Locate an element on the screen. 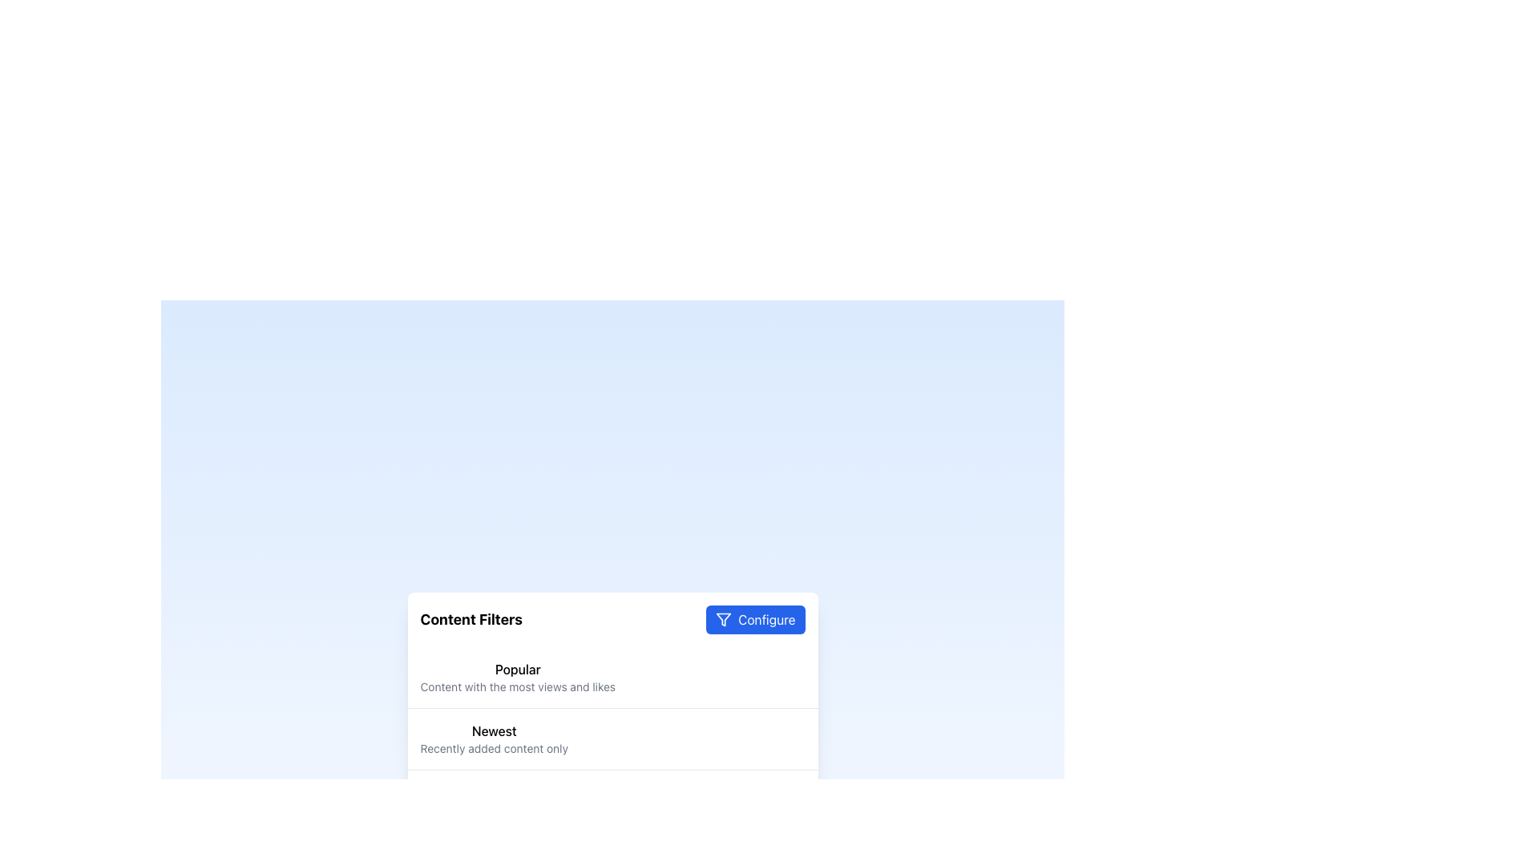 The width and height of the screenshot is (1539, 865). the 'Newest' filter option label located below the 'Popular' section in the 'Content Filters' menu is located at coordinates (493, 738).